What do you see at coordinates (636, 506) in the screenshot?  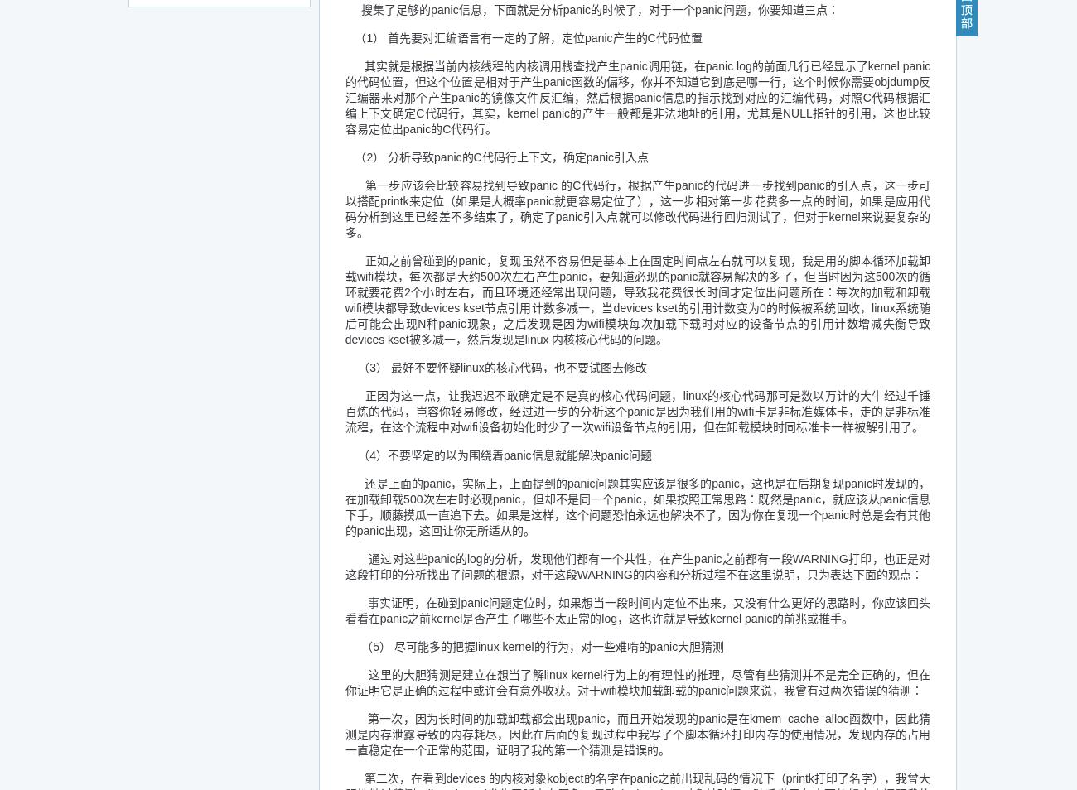 I see `'还是上面的panic，实际上，上面提到的panic问题其实应该是很多的panic，这也是在后期复现panic时发现的，在加载卸载500次左右时必现panic，但却不是同一个panic，如果按照正常思路：既然是panic，就应该从panic信息下手，顺藤摸瓜一直追下去。如果是这样，这个问题恐怕永远也解决不了，因为你在复现一个panic时总是会有其他的panic出现，这回让你无所适从的。'` at bounding box center [636, 506].